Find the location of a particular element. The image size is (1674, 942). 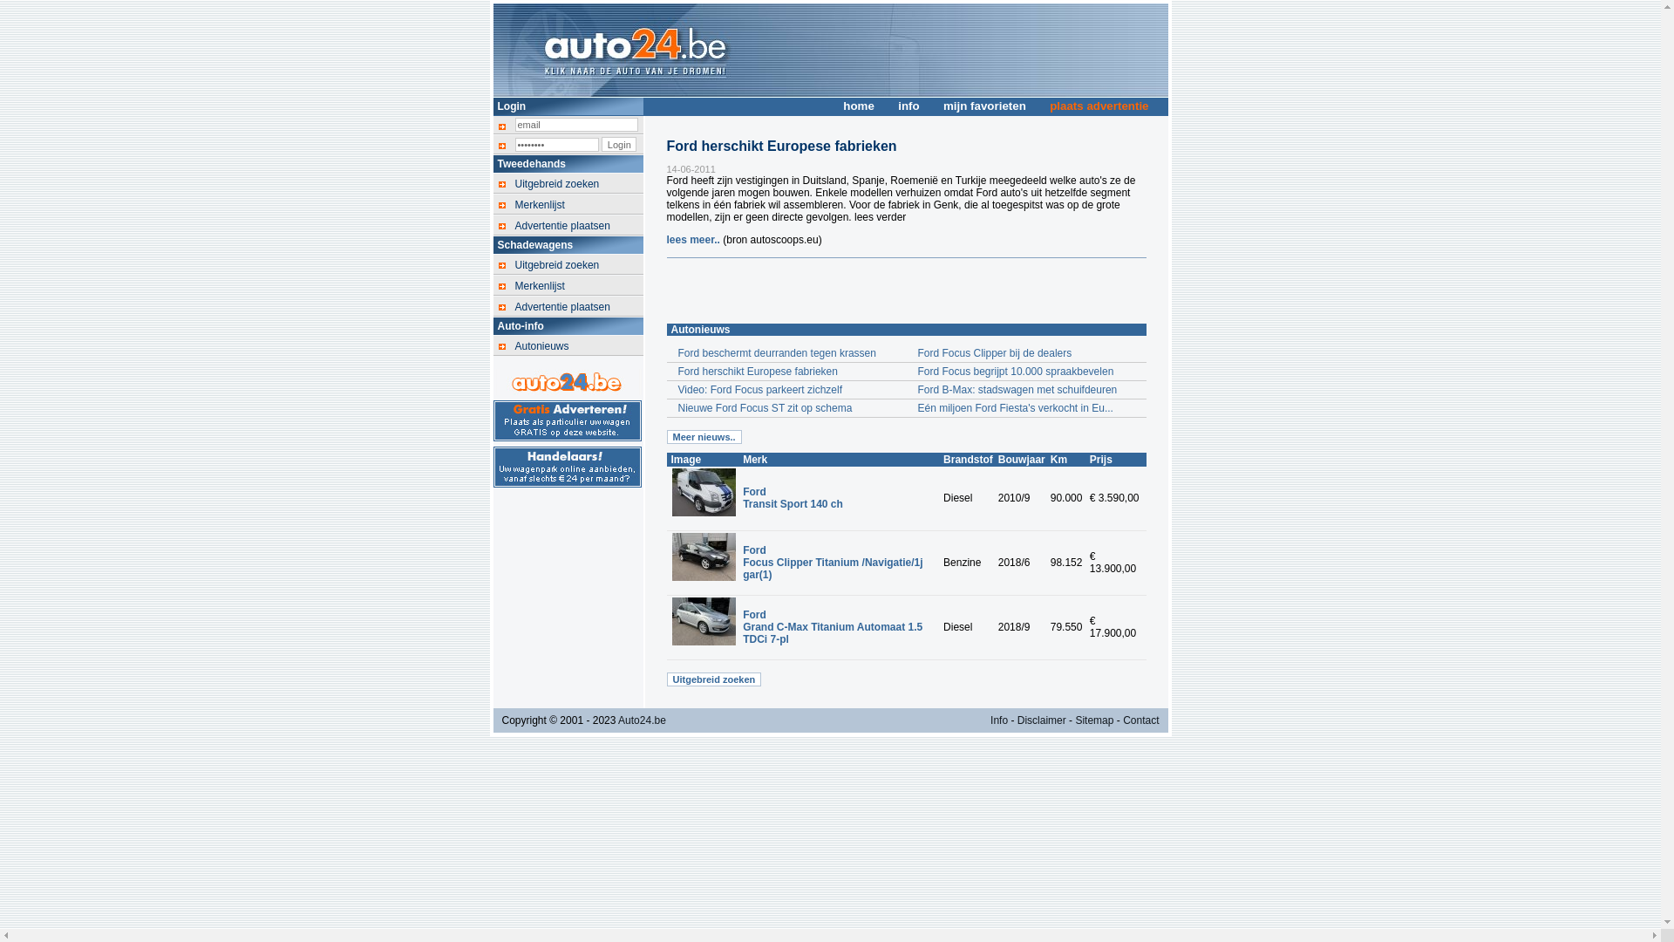

'Advertentie plaatsen' is located at coordinates (578, 224).